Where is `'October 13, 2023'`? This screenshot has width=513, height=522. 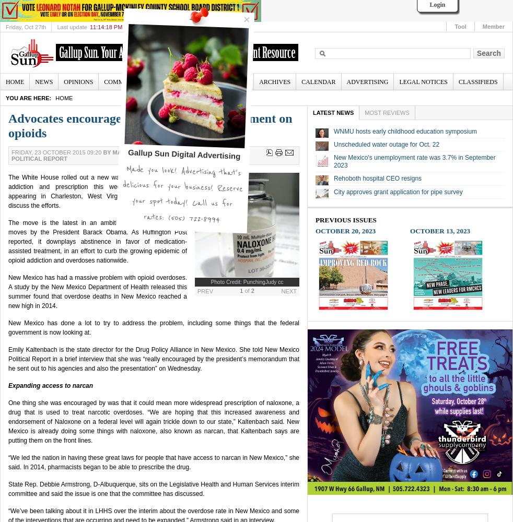
'October 13, 2023' is located at coordinates (440, 230).